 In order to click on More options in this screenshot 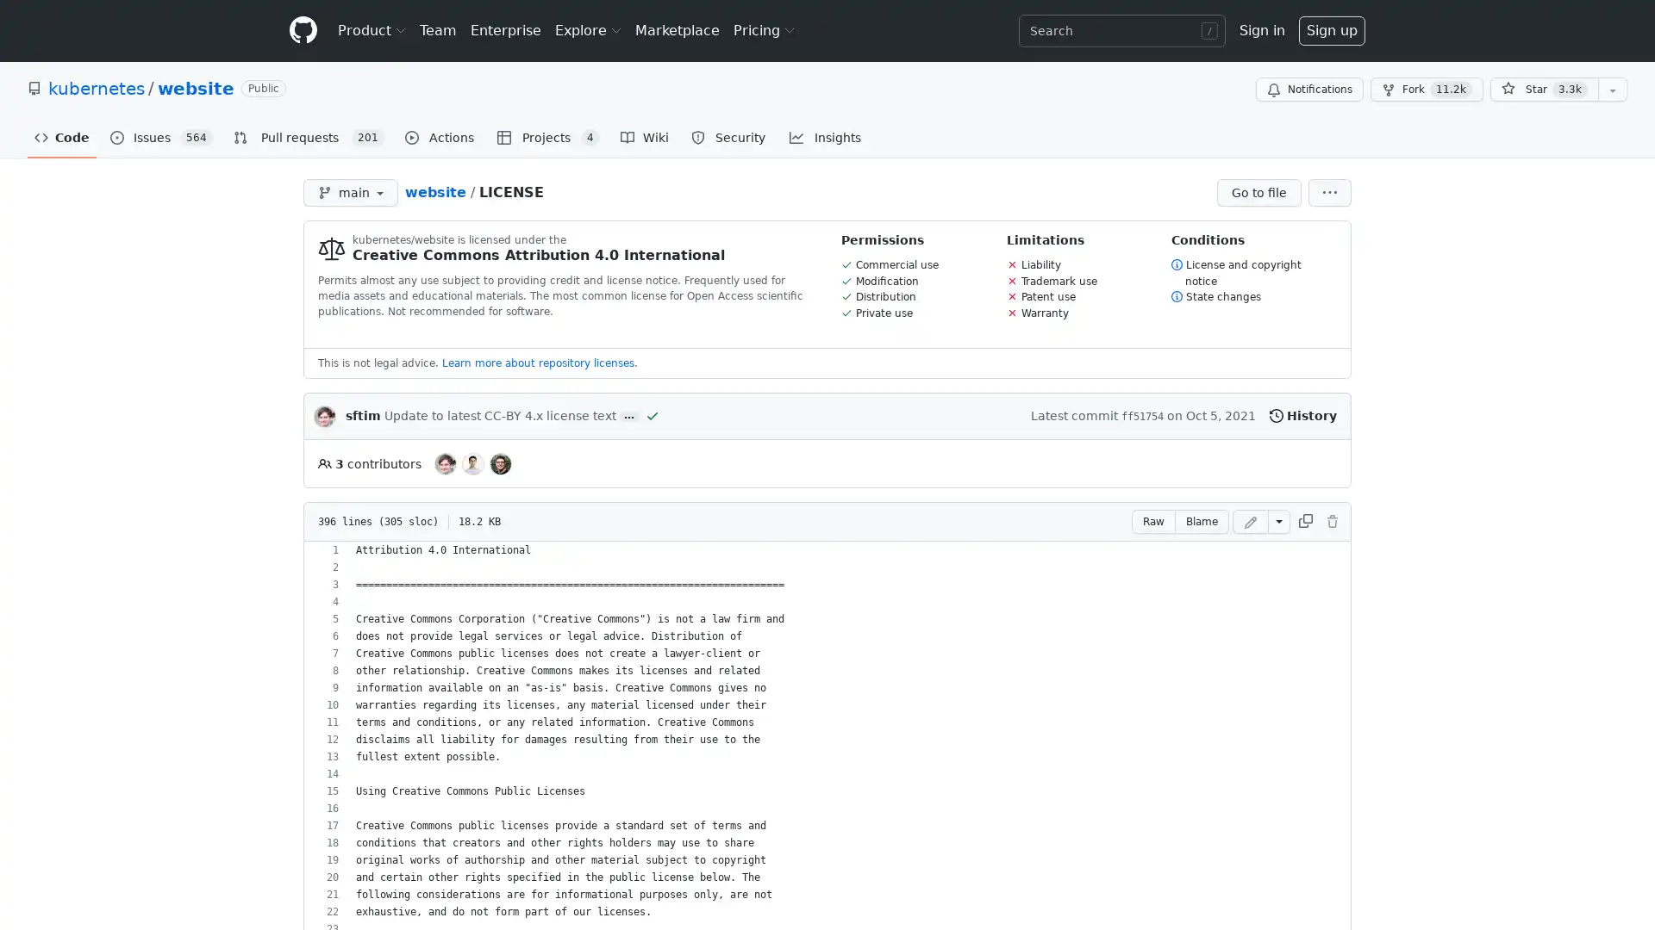, I will do `click(1328, 192)`.